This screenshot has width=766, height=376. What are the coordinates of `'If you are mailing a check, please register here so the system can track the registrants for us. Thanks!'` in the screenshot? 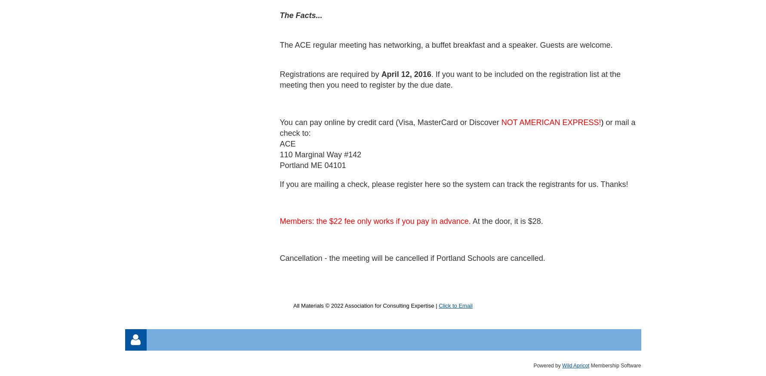 It's located at (453, 183).